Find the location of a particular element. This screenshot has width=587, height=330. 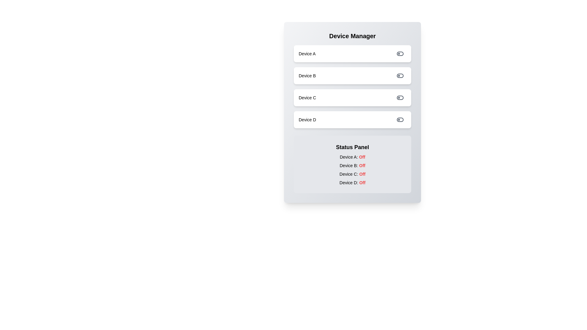

the 'Device Manager' title text to inspect its content is located at coordinates (352, 36).